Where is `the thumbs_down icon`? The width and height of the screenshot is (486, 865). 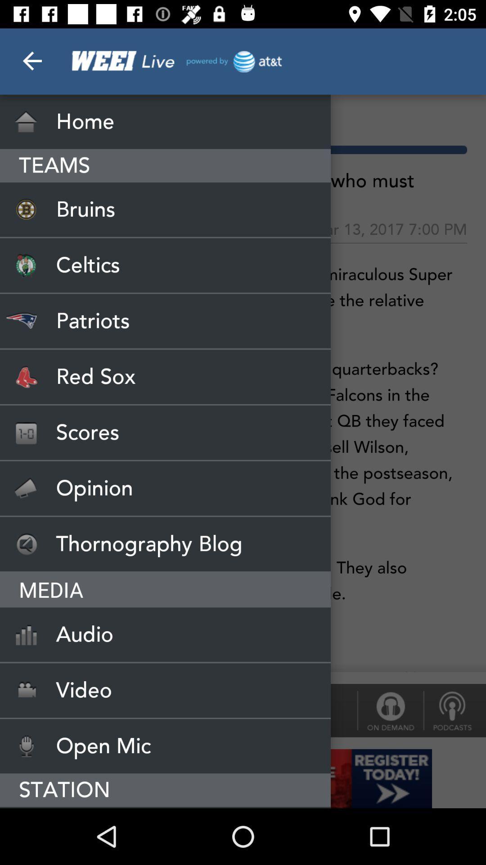 the thumbs_down icon is located at coordinates (454, 710).